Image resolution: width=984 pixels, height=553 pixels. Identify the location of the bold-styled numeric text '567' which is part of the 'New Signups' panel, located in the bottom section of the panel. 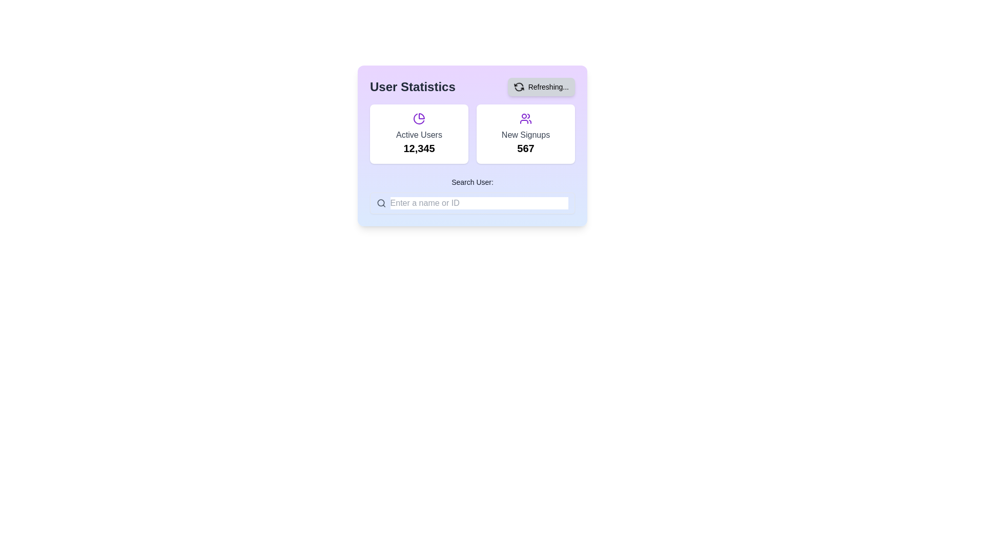
(526, 148).